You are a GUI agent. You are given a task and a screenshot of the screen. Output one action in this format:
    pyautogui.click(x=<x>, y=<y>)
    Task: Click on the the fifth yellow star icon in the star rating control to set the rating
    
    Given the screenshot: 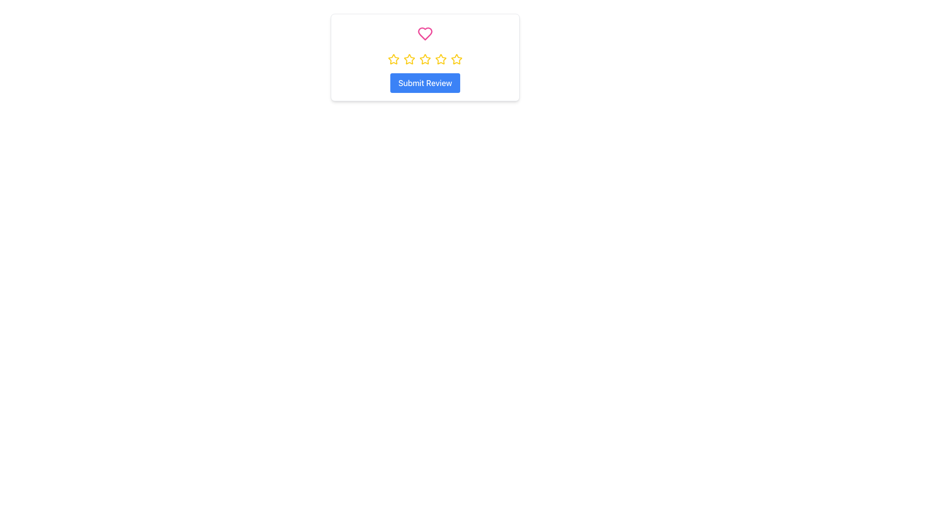 What is the action you would take?
    pyautogui.click(x=456, y=59)
    